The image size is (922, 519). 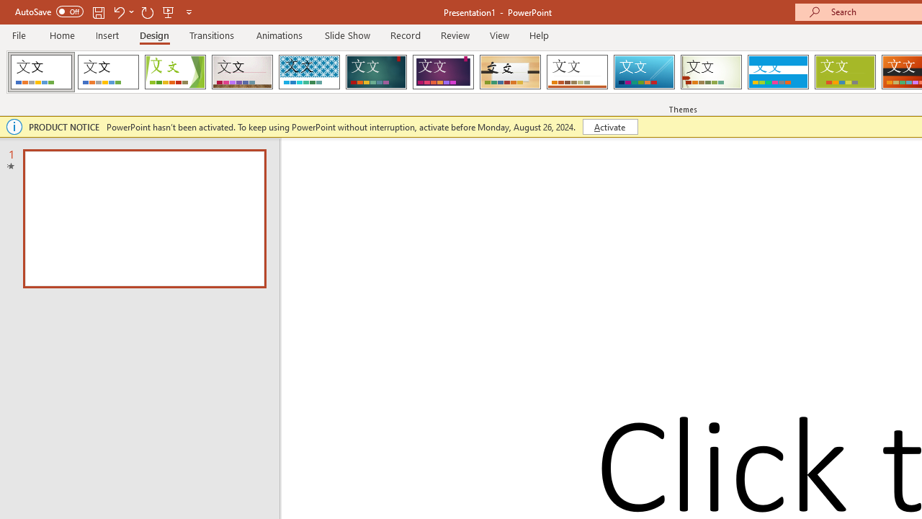 I want to click on 'Activate', so click(x=610, y=126).